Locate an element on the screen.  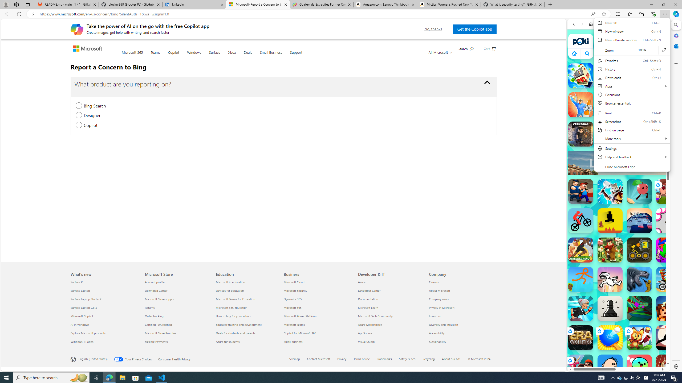
'Simply Prop Hunt Simply Prop Hunt' is located at coordinates (580, 104).